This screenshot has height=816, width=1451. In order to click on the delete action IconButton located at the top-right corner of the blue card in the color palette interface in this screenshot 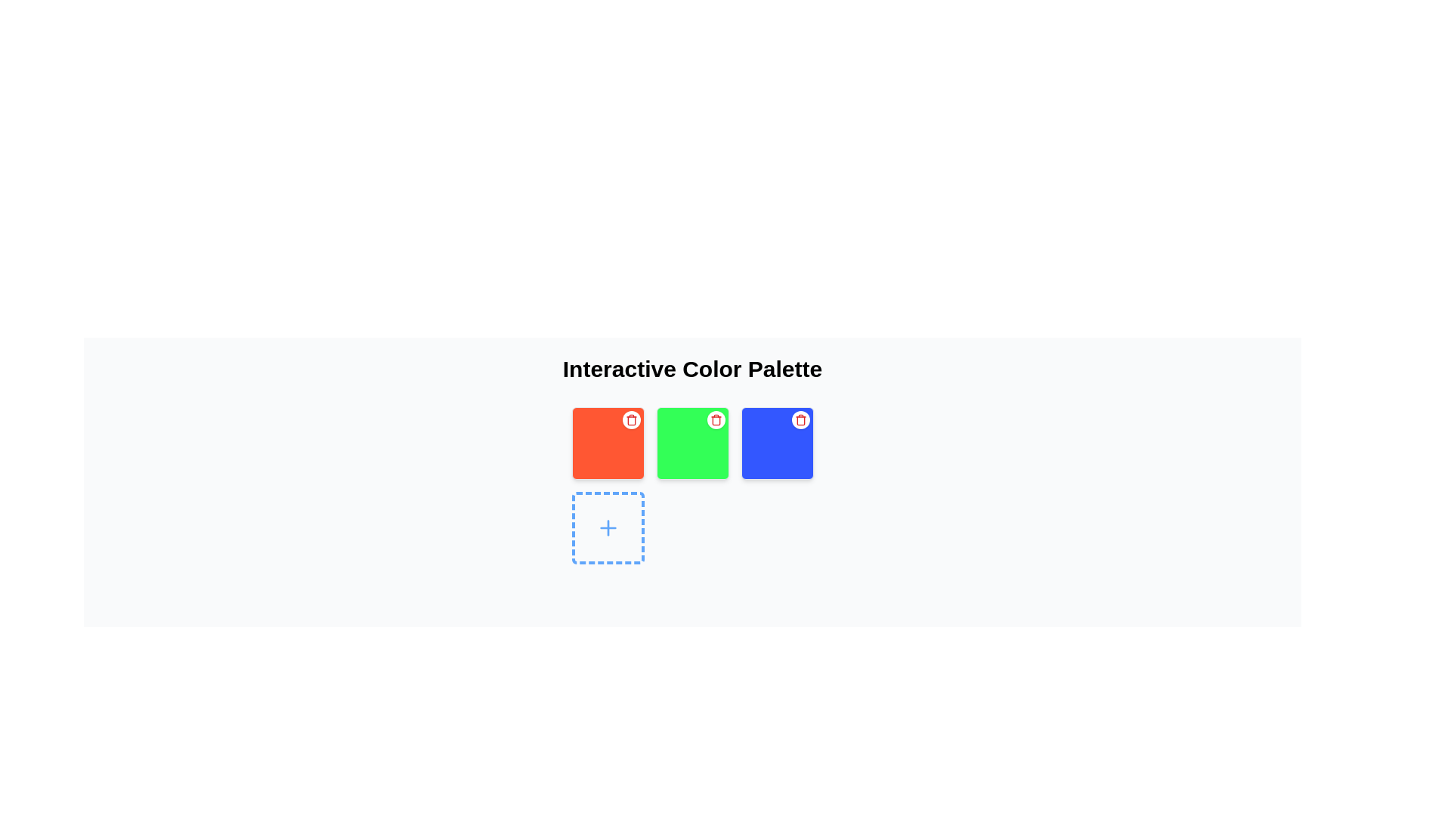, I will do `click(800, 419)`.